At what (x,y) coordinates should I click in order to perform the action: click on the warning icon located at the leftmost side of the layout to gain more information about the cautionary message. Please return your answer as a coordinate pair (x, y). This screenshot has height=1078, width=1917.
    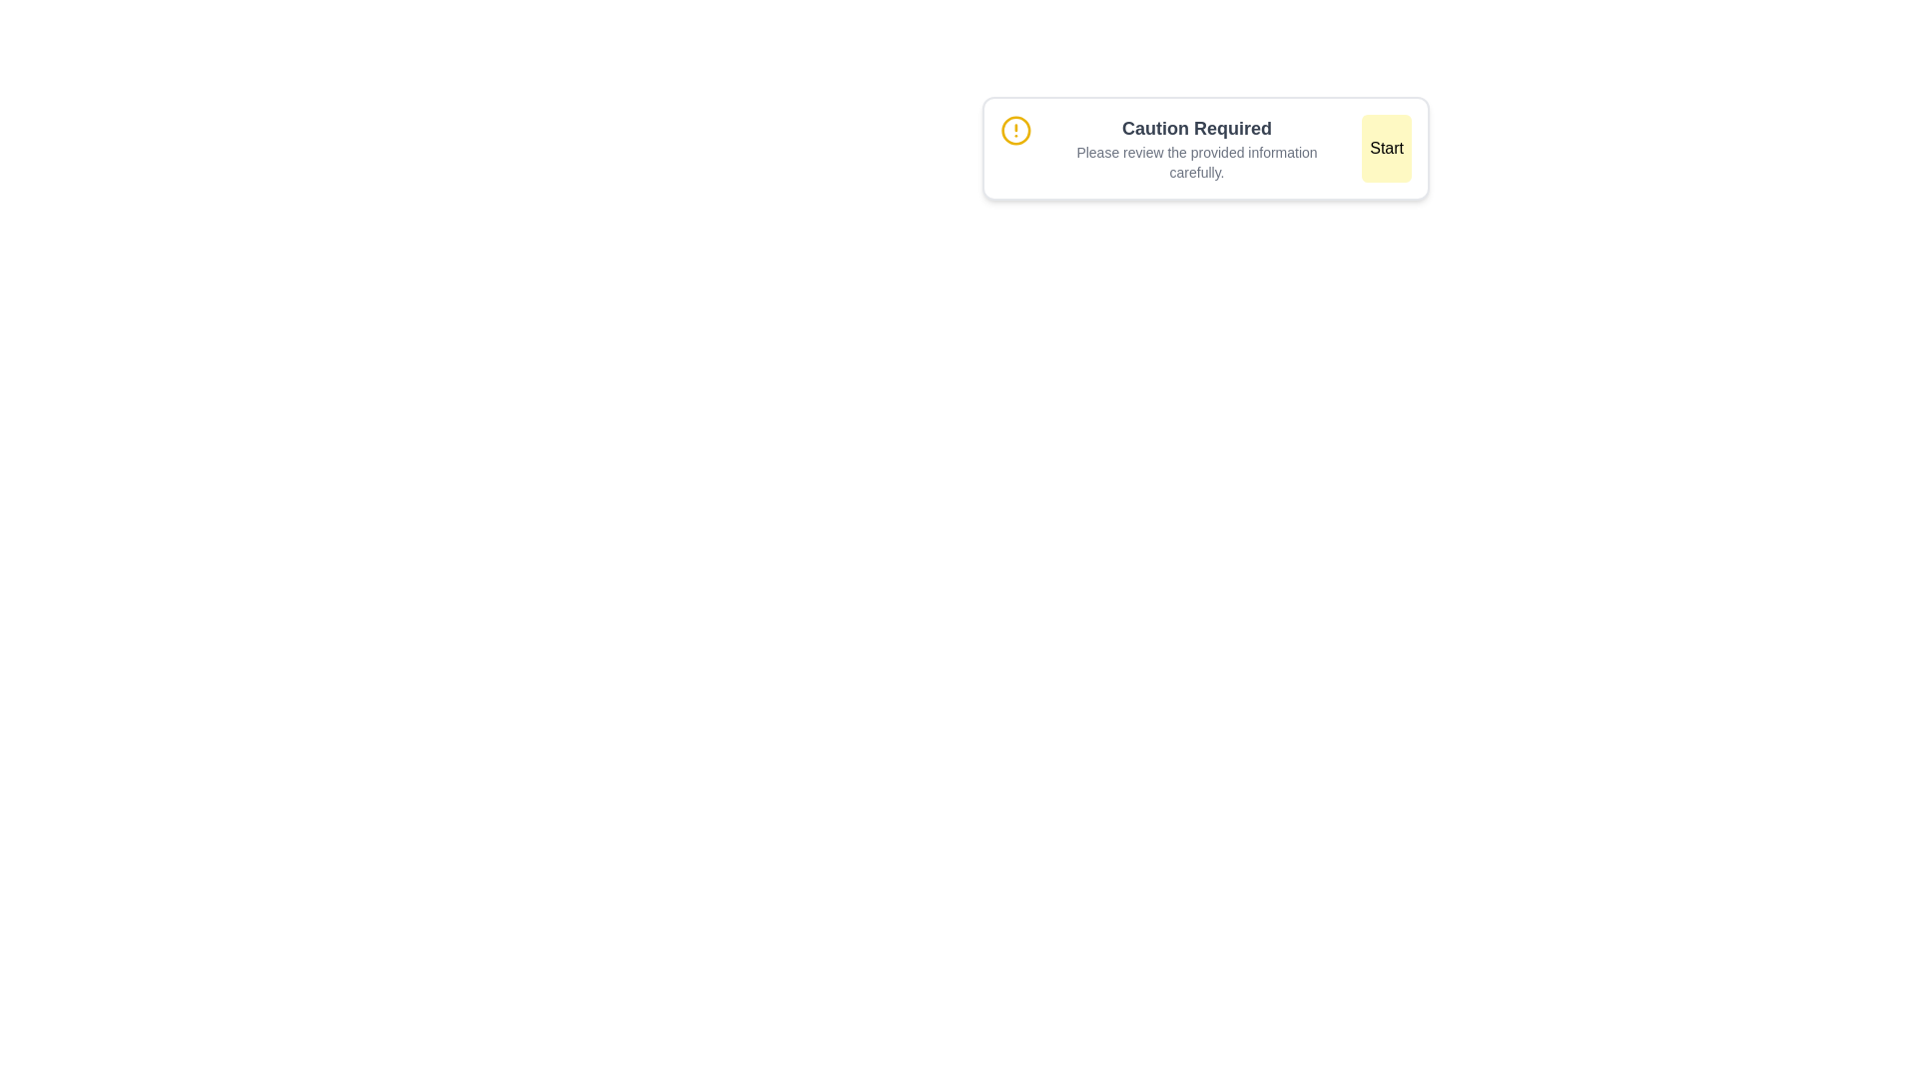
    Looking at the image, I should click on (1015, 131).